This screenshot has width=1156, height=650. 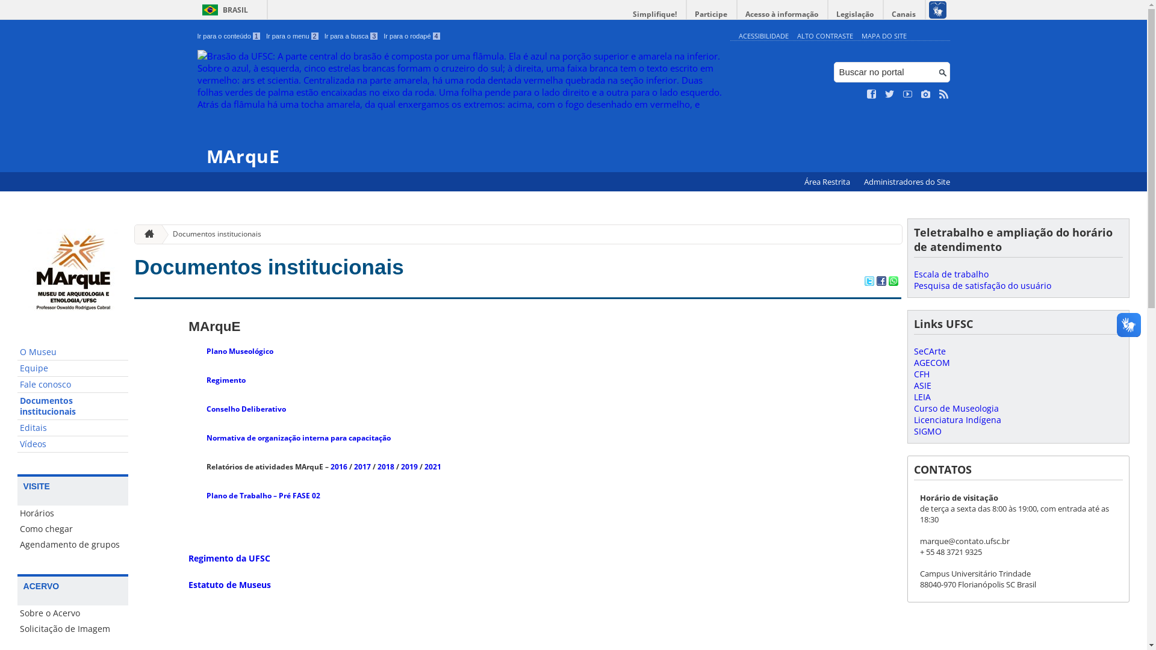 I want to click on 'Siga no Twitter', so click(x=890, y=94).